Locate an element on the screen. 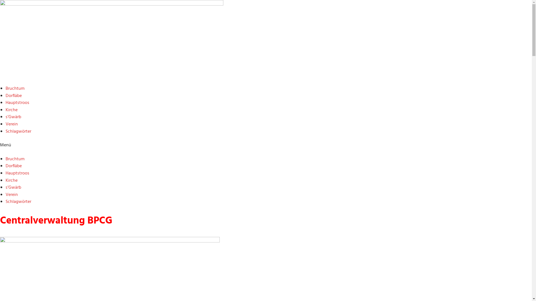  'Bruchtum' is located at coordinates (5, 159).